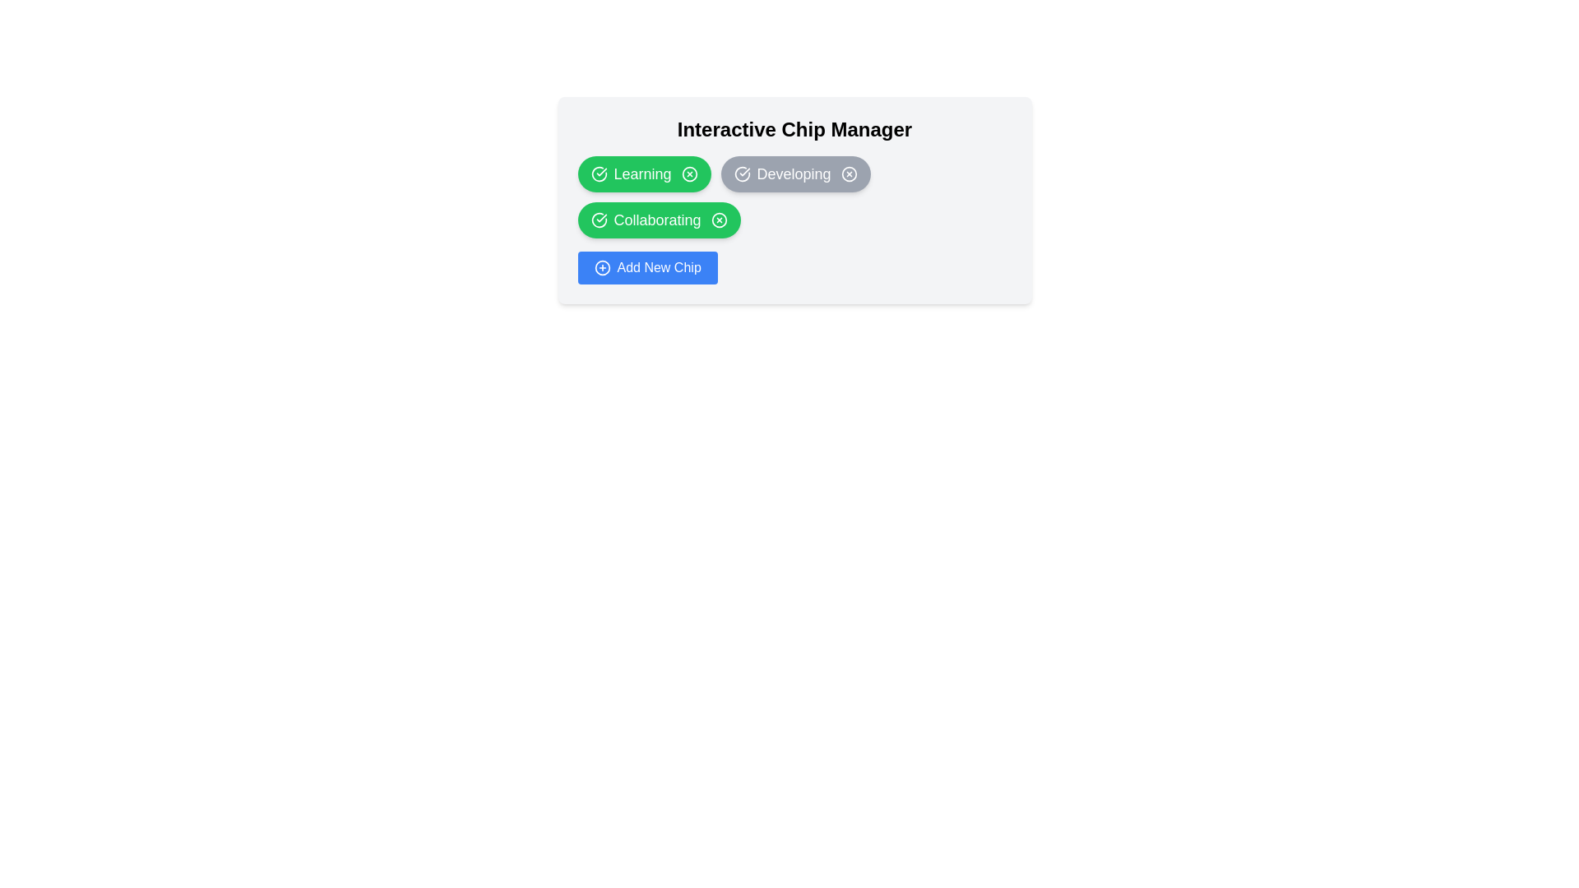  Describe the element at coordinates (795, 174) in the screenshot. I see `the 'Developing' button located in the 'Interactive Chip Manager' section, which is the second button in the vertical stack` at that location.